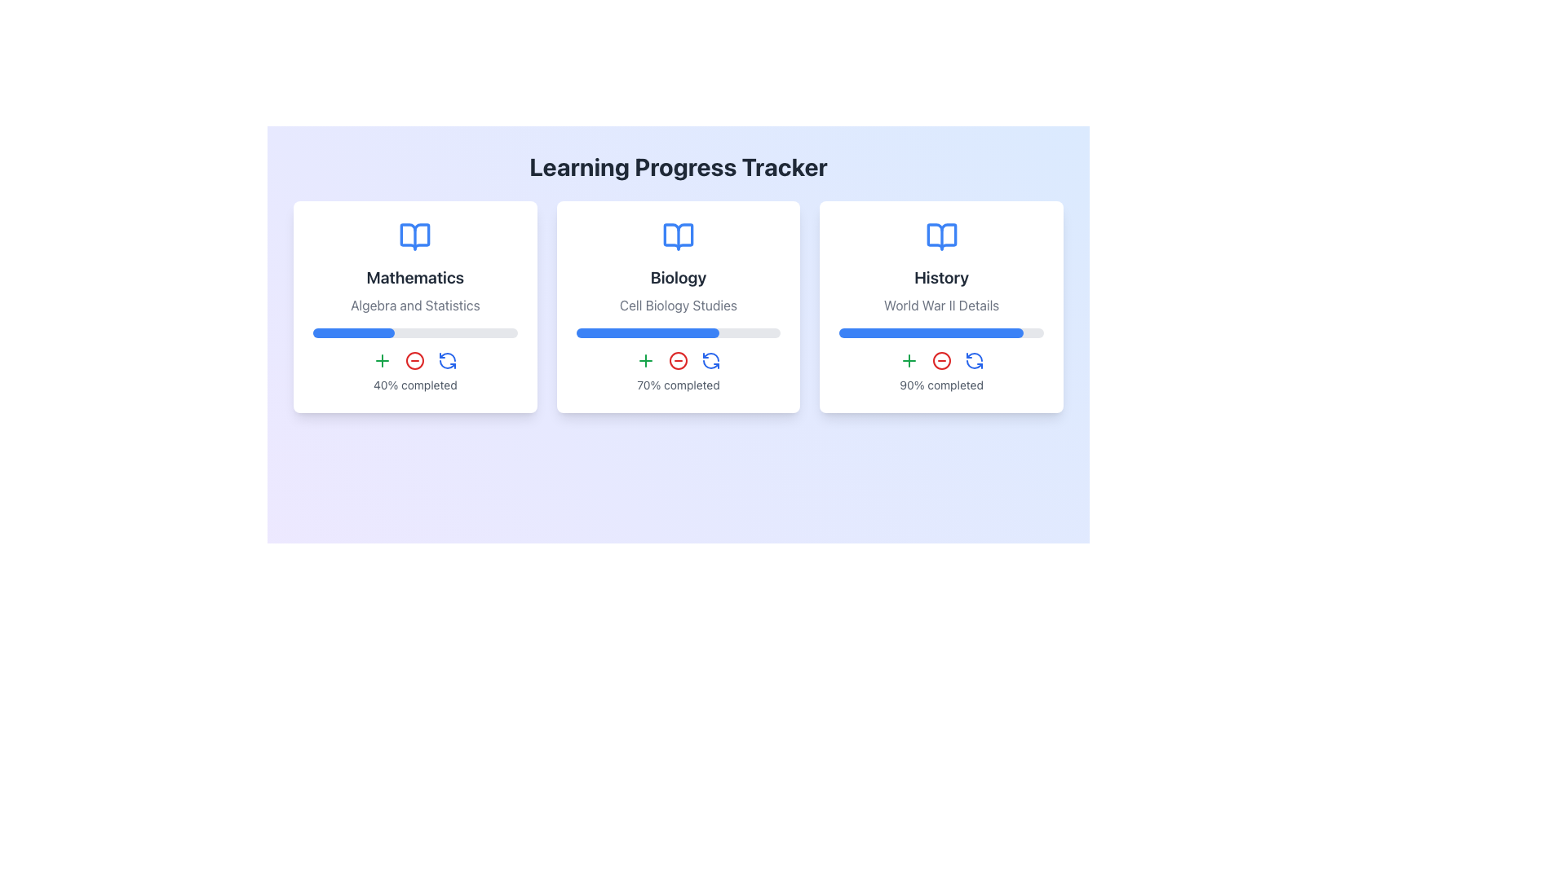  I want to click on the red icon in the horizontal icon group located in the last card, positioned below the progress bar and above the '90% completed' text, so click(941, 360).